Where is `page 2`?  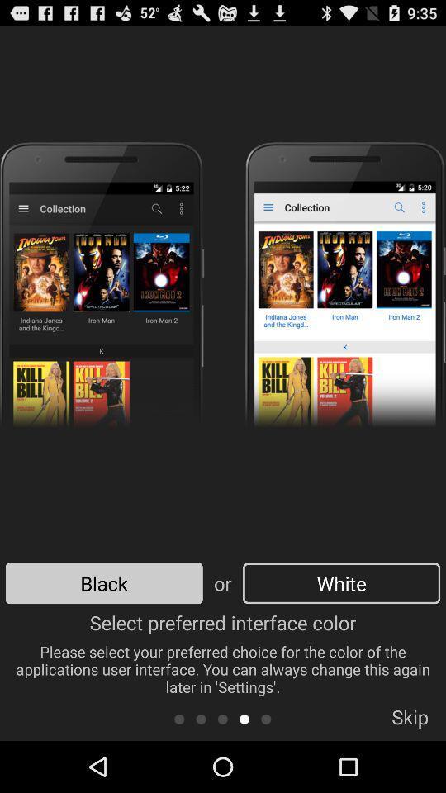 page 2 is located at coordinates (201, 718).